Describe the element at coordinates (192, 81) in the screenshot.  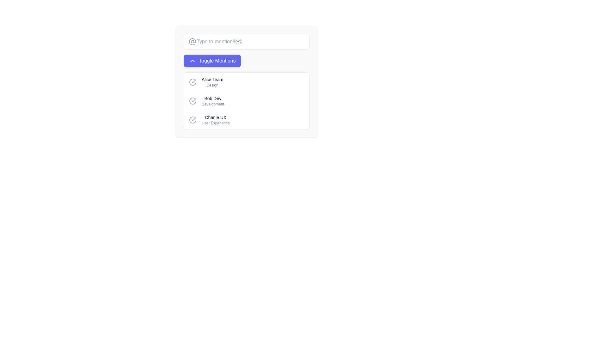
I see `the checkmark icon indicating the 'Alice Team' entry` at that location.